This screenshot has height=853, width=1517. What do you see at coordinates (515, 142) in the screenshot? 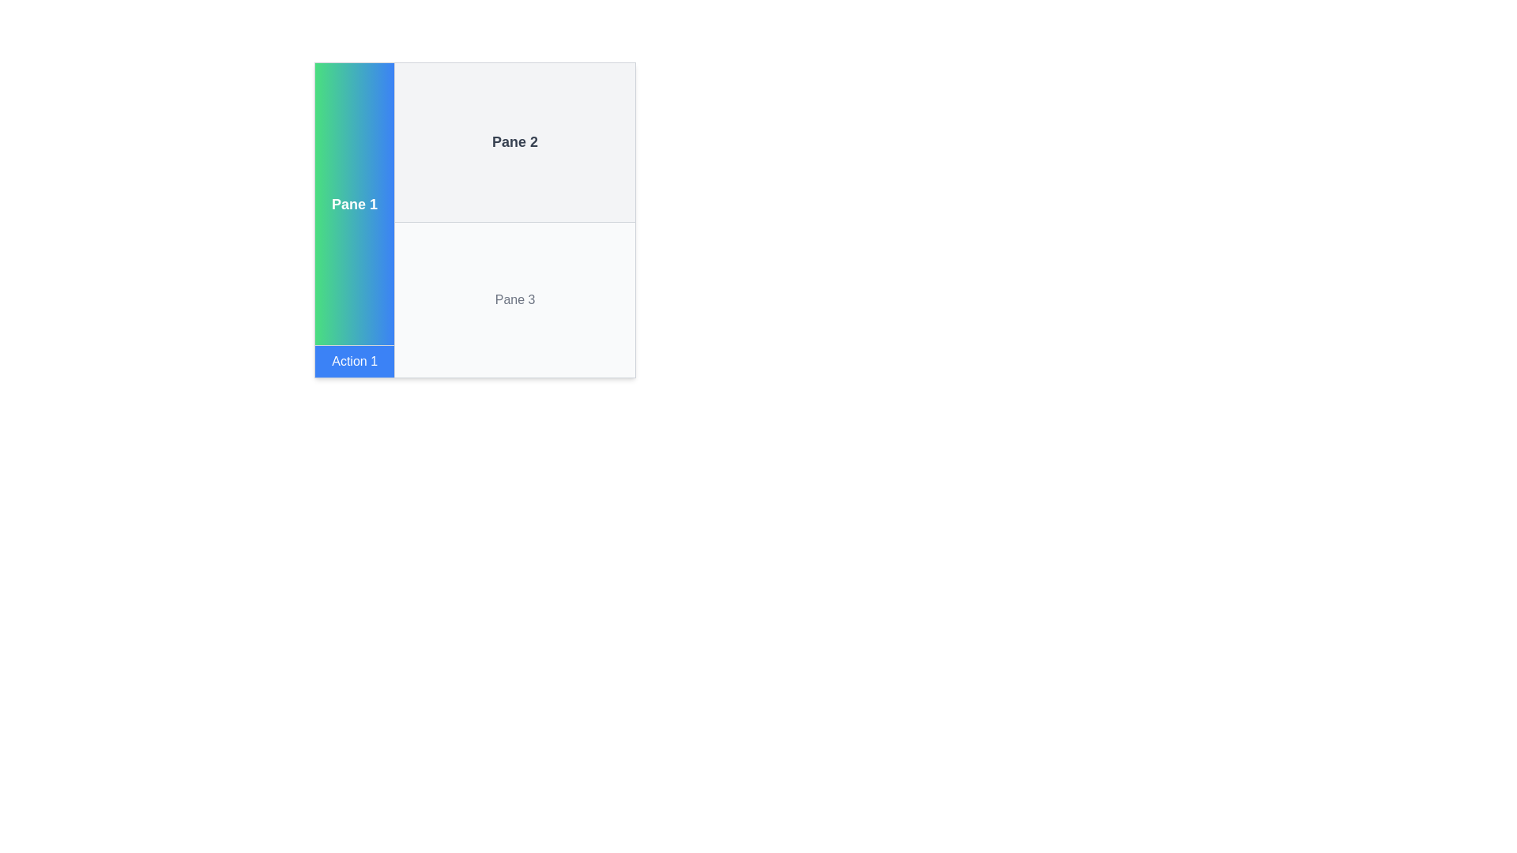
I see `the Text Label Pane containing the bold text 'Pane 2' with a light gray background, located at the top-right corner of the primary section` at bounding box center [515, 142].